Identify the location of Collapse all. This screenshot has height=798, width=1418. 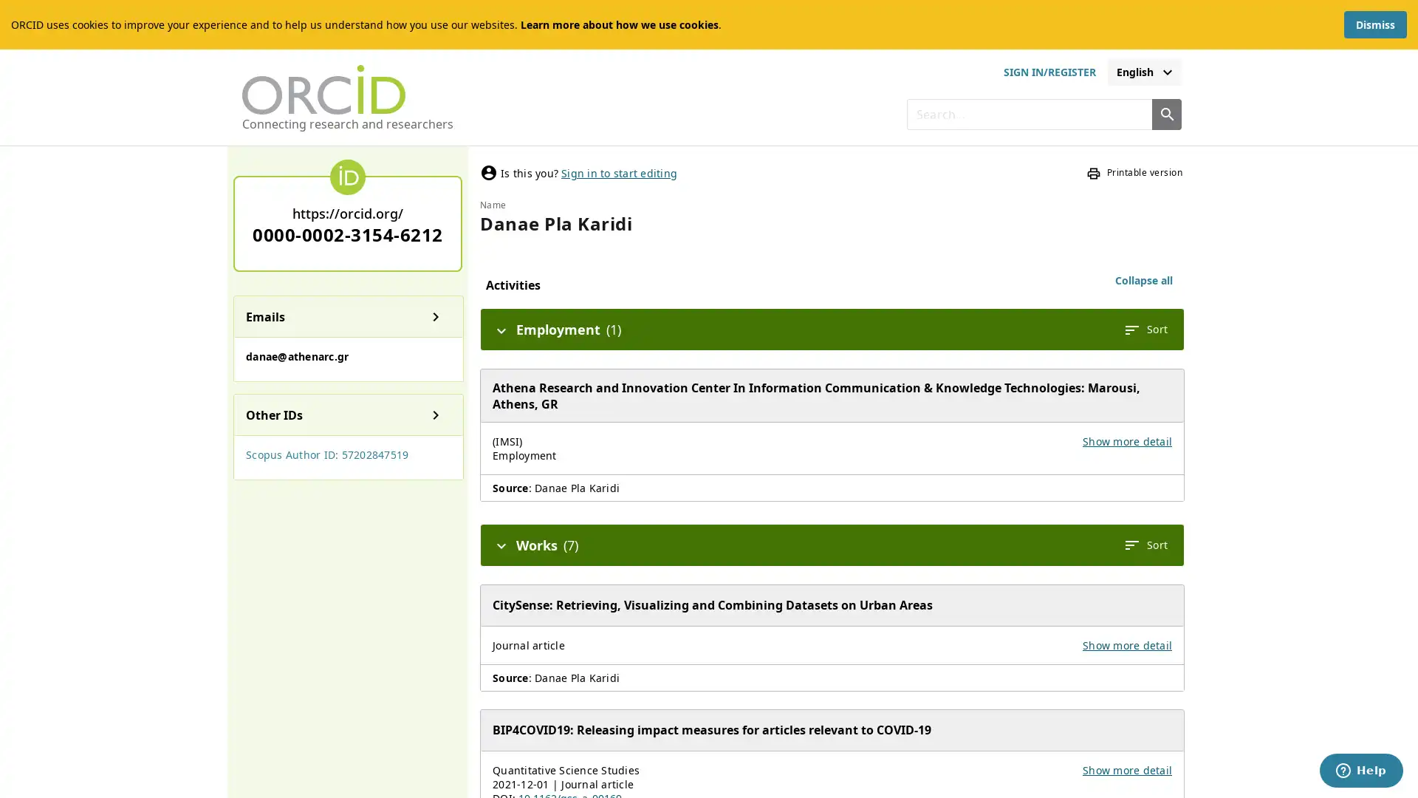
(1143, 281).